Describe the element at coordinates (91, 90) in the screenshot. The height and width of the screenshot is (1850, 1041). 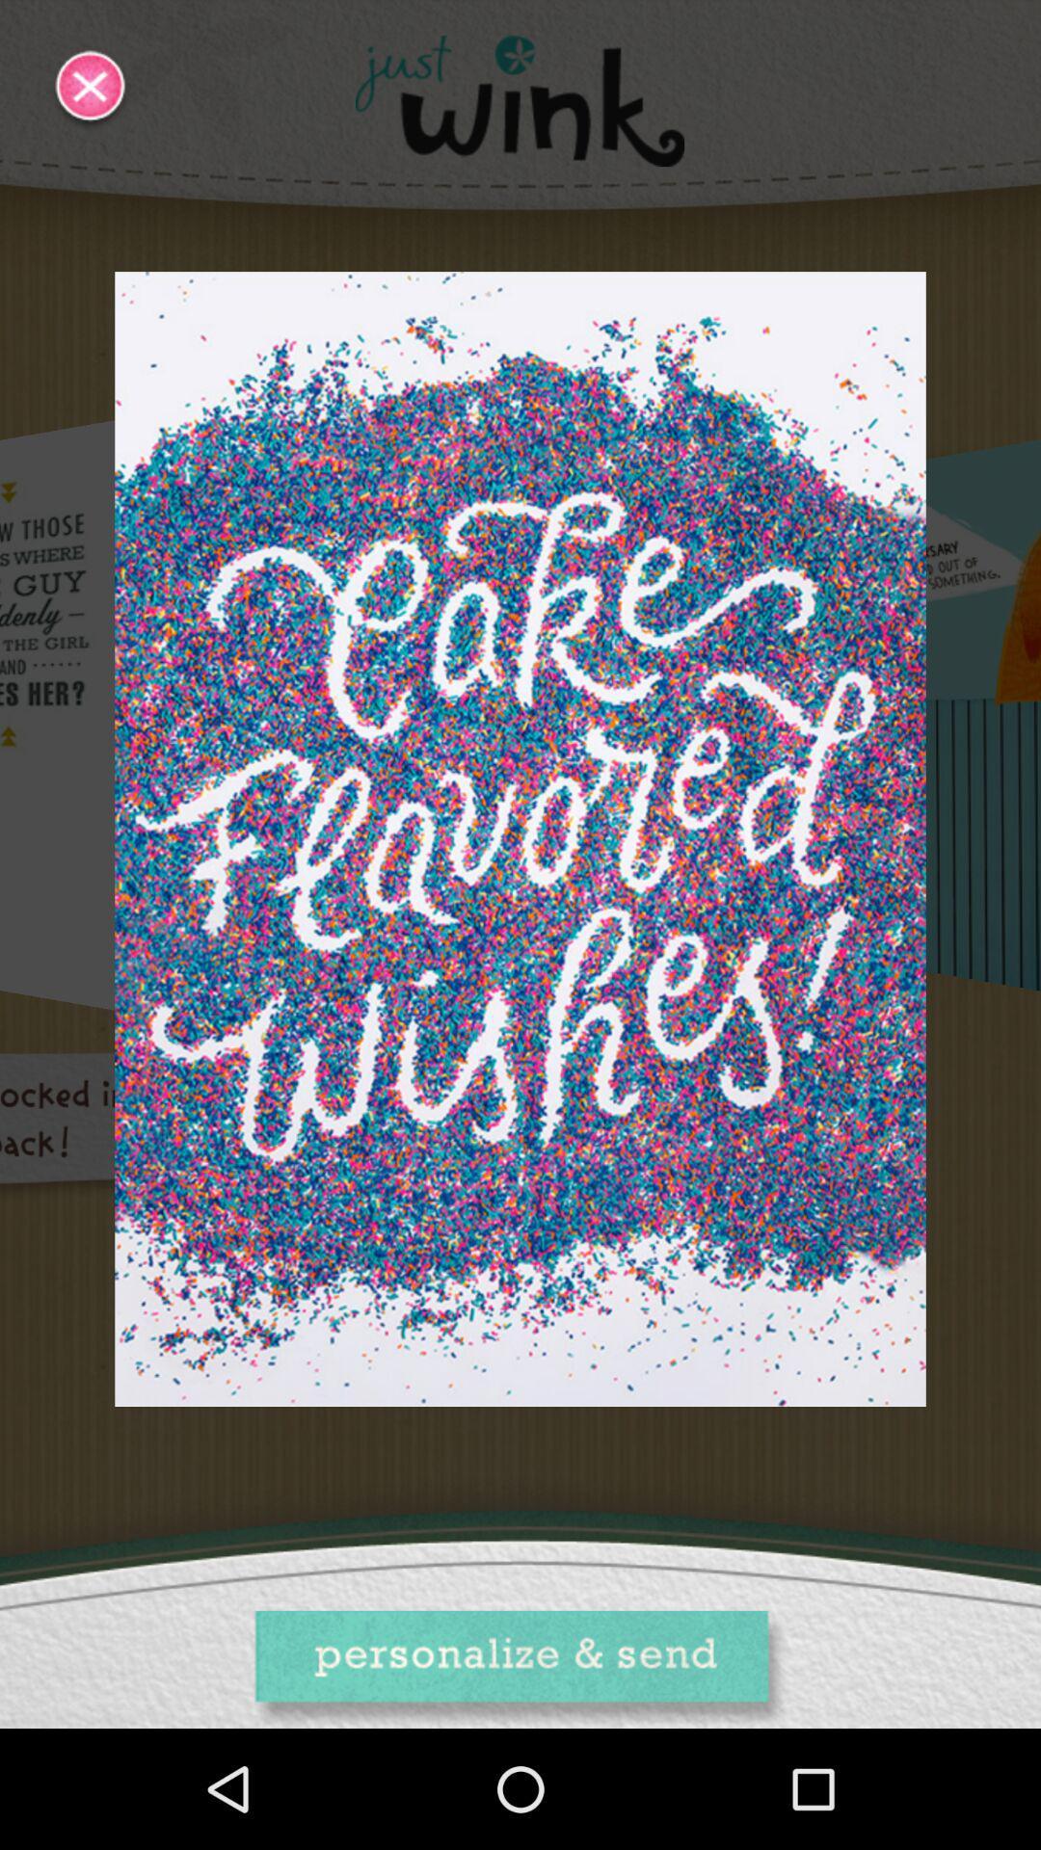
I see `the close icon` at that location.